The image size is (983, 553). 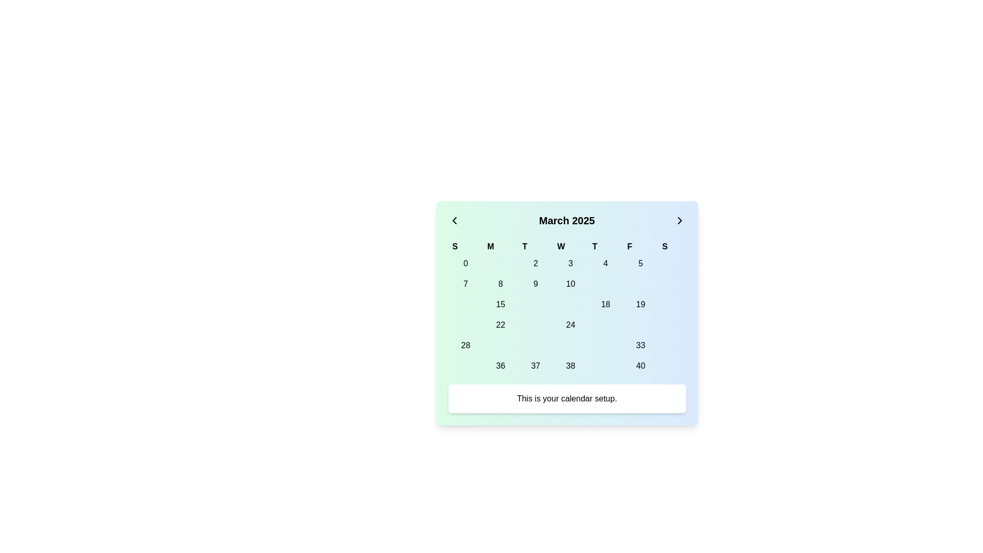 I want to click on across the calendar day selector, which displays the numbers '15', '•', '18', '19', so click(x=566, y=304).